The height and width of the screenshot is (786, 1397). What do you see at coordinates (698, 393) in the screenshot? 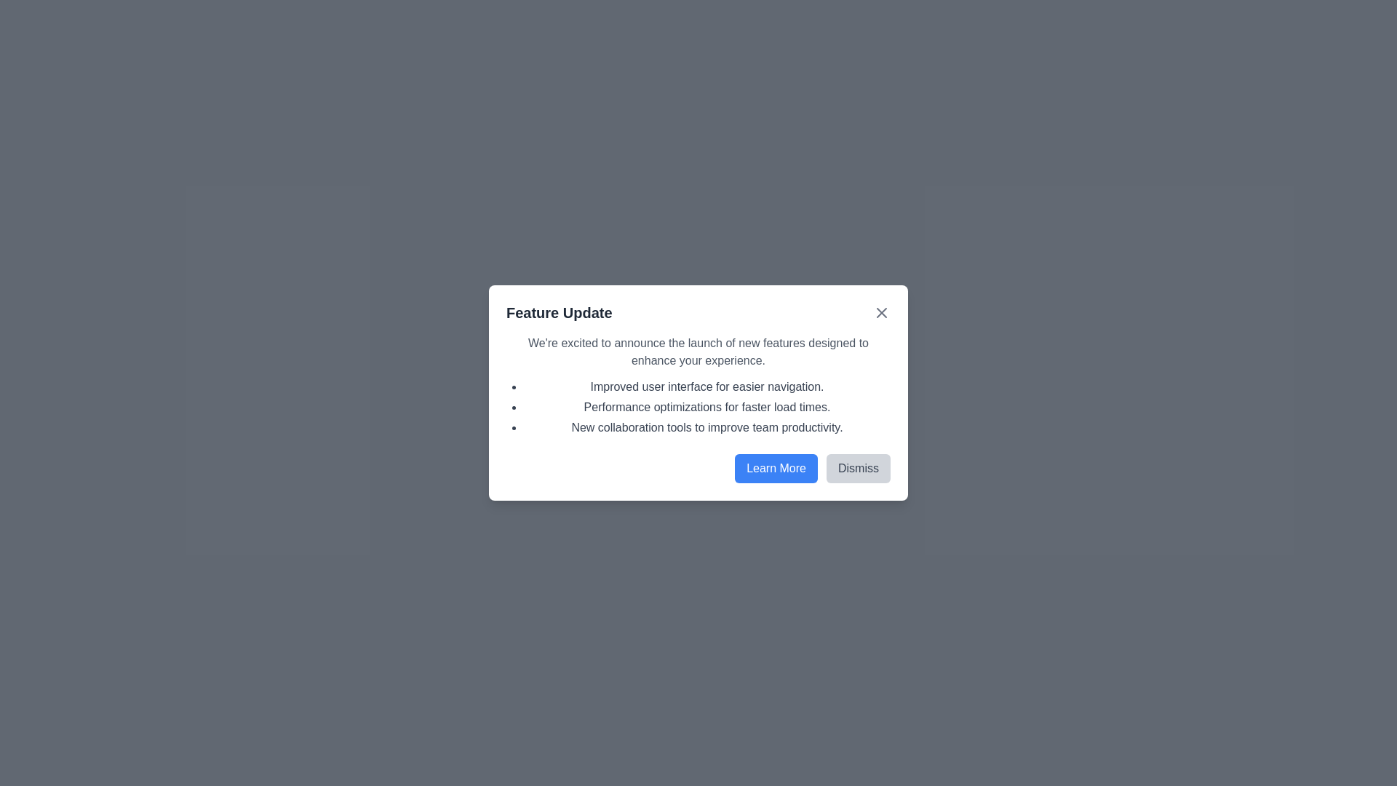
I see `the background to dismiss the dialog` at bounding box center [698, 393].